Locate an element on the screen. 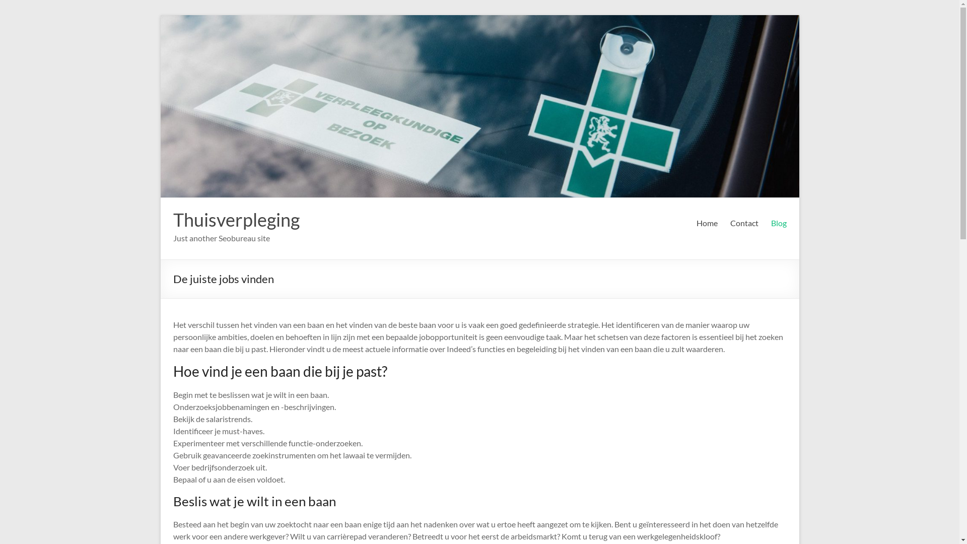 This screenshot has width=967, height=544. 'Home' is located at coordinates (706, 223).